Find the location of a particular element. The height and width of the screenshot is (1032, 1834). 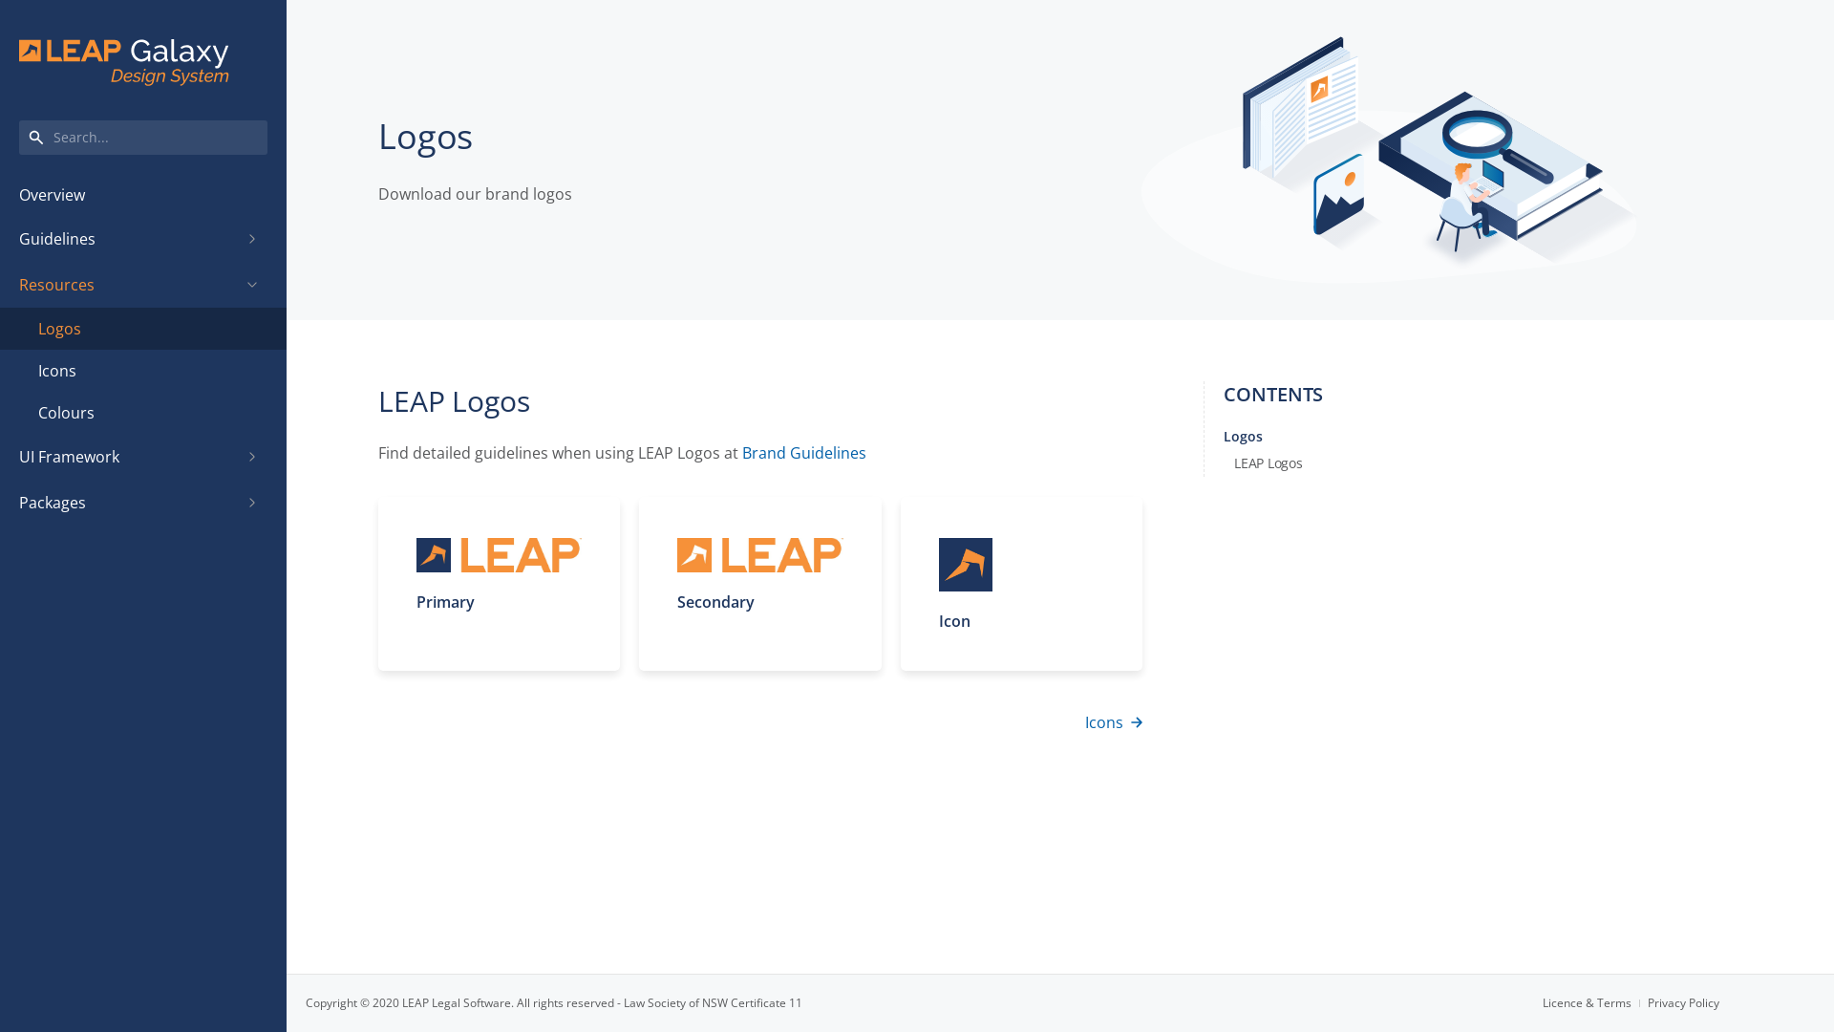

'Brand Guidelines' is located at coordinates (741, 453).